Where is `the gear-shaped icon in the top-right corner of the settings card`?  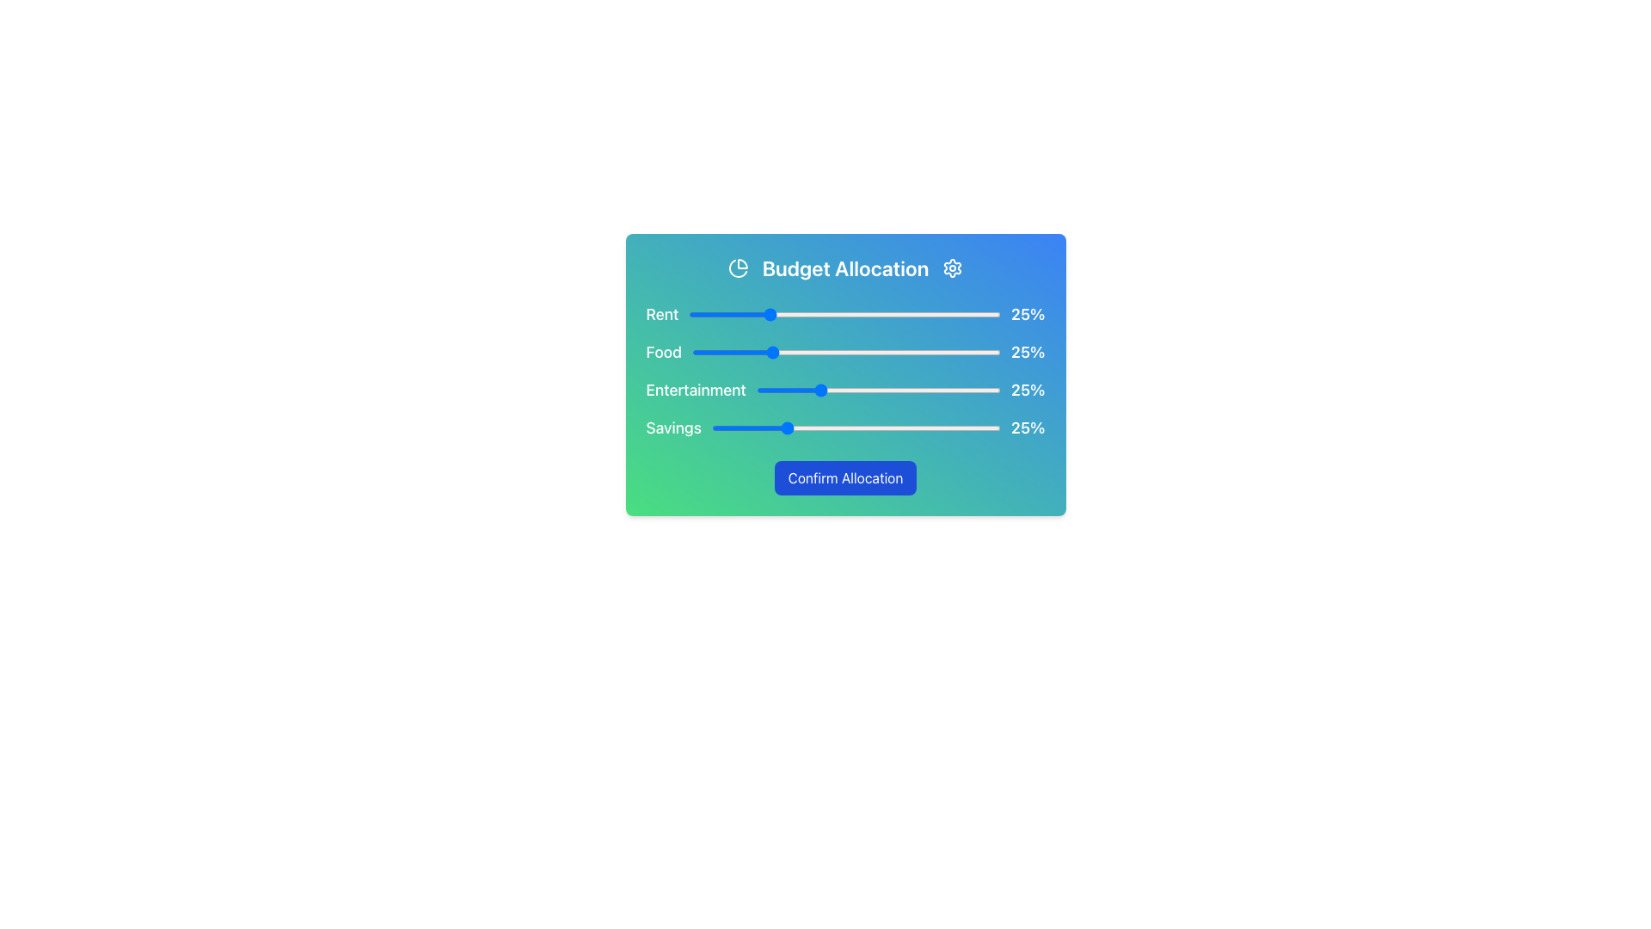
the gear-shaped icon in the top-right corner of the settings card is located at coordinates (952, 268).